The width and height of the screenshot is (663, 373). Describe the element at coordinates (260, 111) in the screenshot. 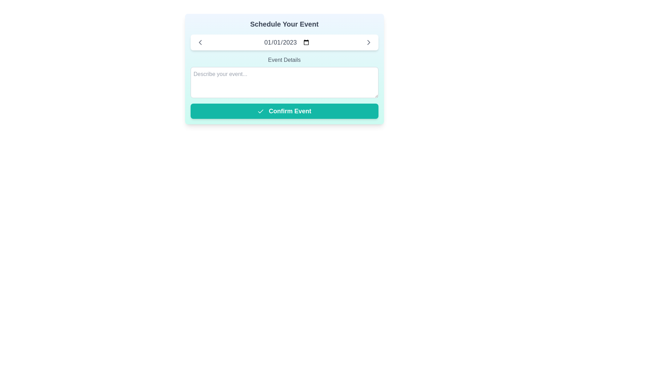

I see `the white checkmark outline icon that is part of the 'Confirm Event' button, located to the left of the text 'Confirm Event'` at that location.